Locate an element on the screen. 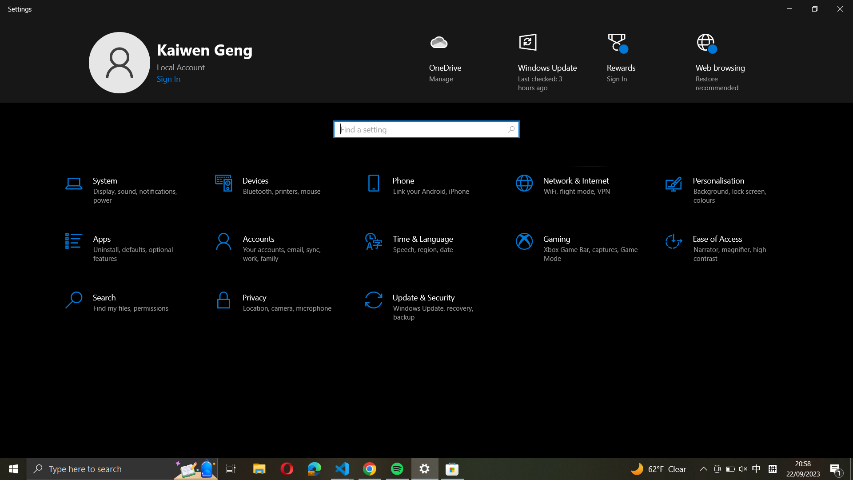 Image resolution: width=853 pixels, height=480 pixels. Use the "Rewards" button is located at coordinates (625, 62).